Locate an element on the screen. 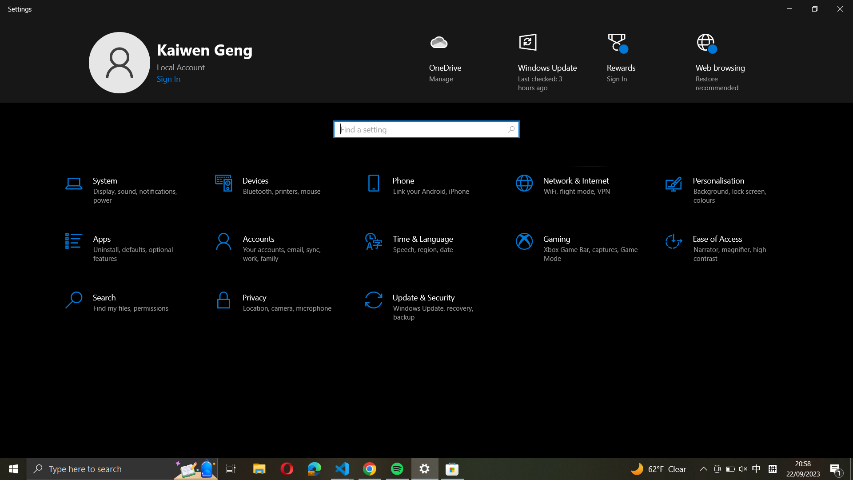 Image resolution: width=853 pixels, height=480 pixels. Use the "Rewards" button is located at coordinates (625, 62).